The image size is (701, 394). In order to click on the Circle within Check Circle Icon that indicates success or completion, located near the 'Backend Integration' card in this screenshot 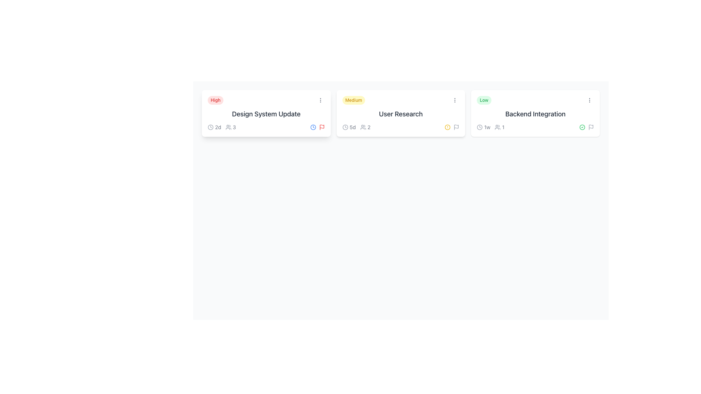, I will do `click(582, 127)`.